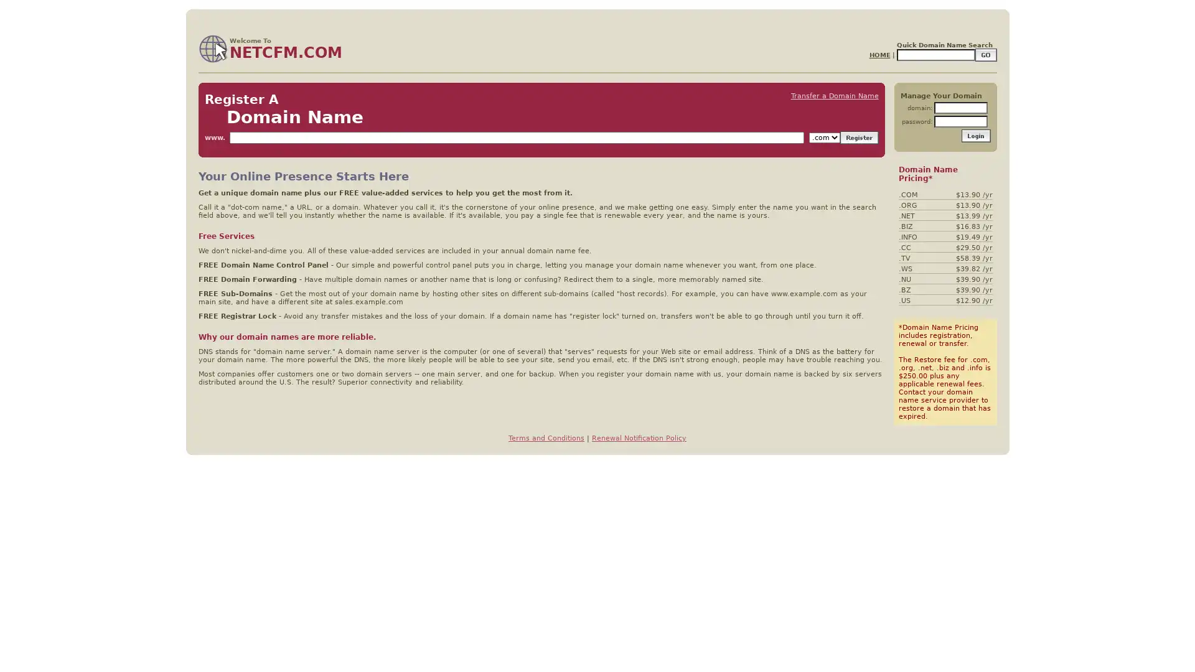 This screenshot has height=672, width=1195. What do you see at coordinates (985, 54) in the screenshot?
I see `Edit` at bounding box center [985, 54].